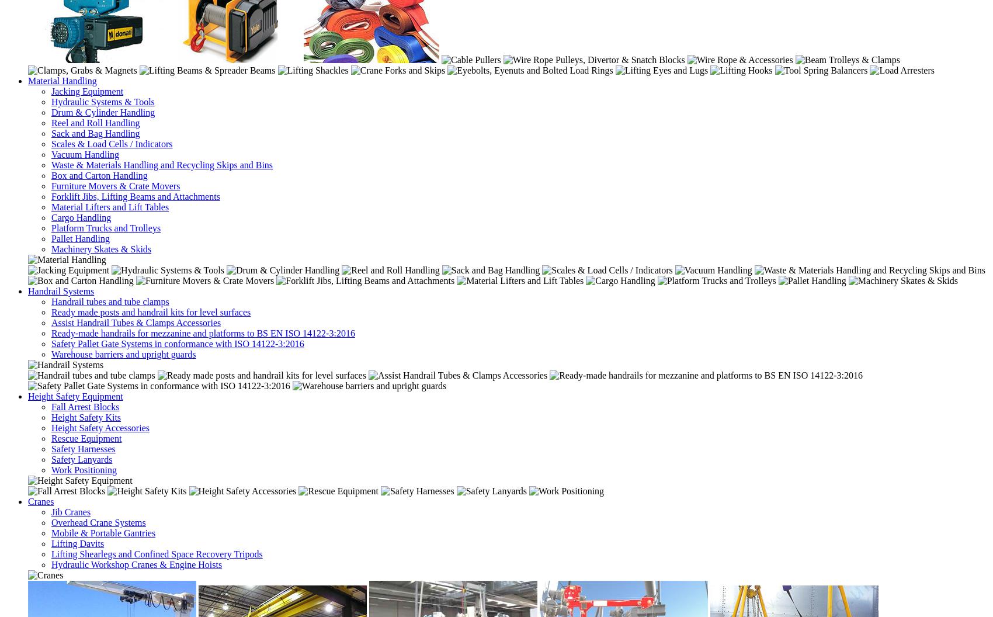 The height and width of the screenshot is (617, 993). What do you see at coordinates (136, 195) in the screenshot?
I see `'Forklift Jibs, Lifting Beams and Attachments'` at bounding box center [136, 195].